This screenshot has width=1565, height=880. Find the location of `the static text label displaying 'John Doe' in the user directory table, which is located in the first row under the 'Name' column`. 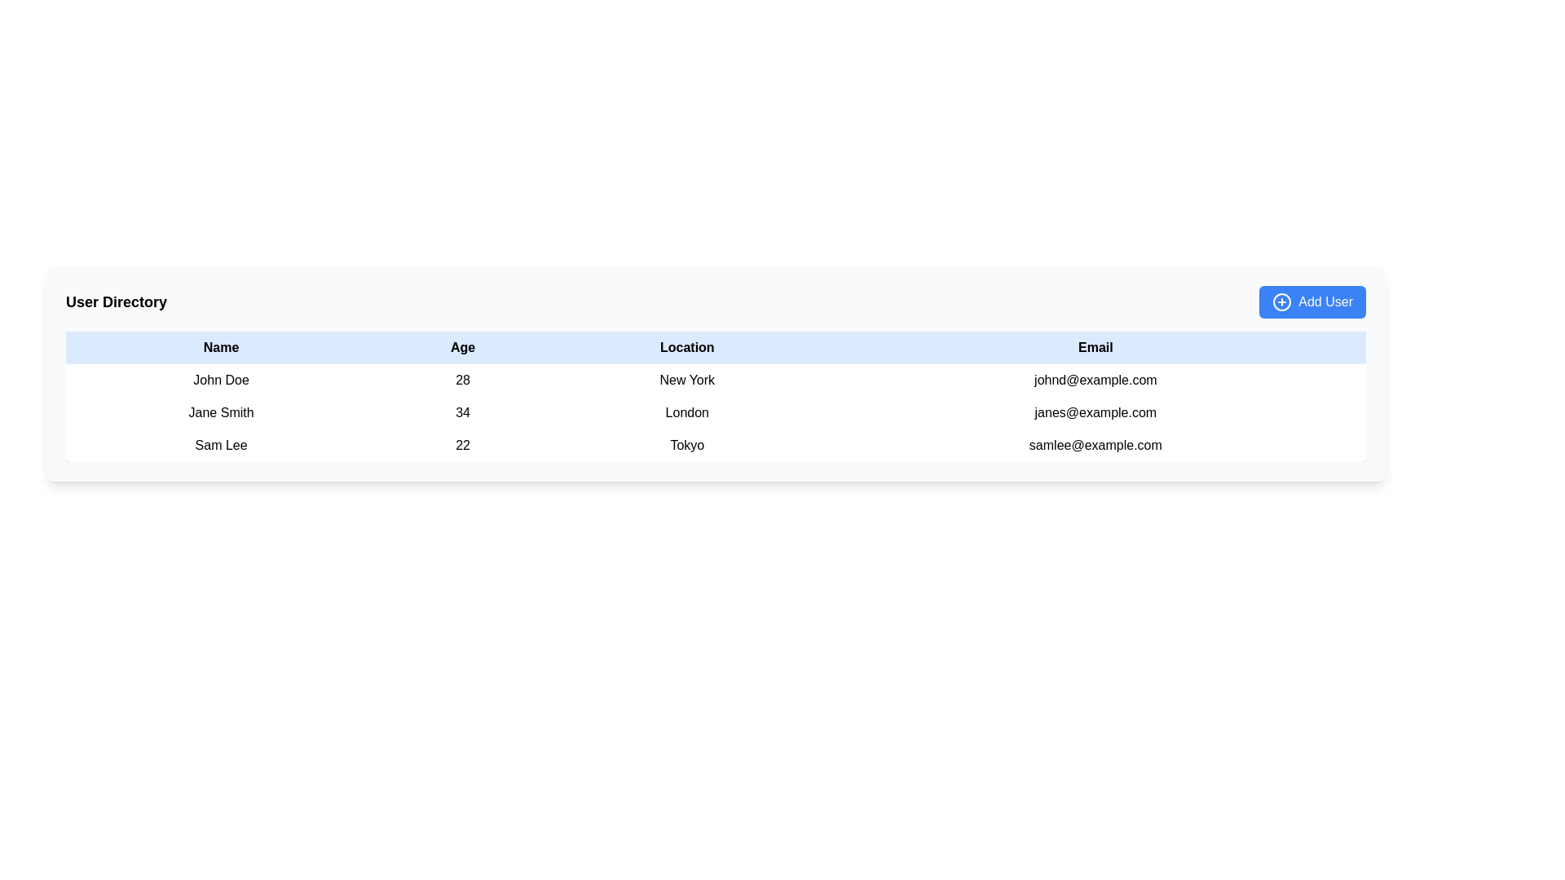

the static text label displaying 'John Doe' in the user directory table, which is located in the first row under the 'Name' column is located at coordinates (220, 380).